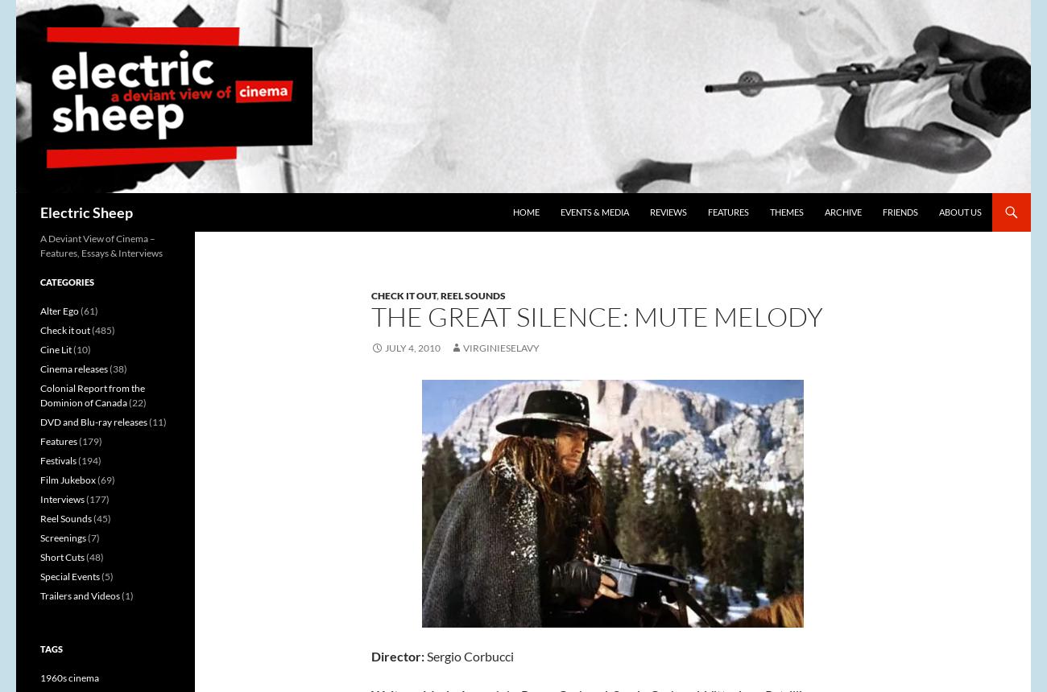 The width and height of the screenshot is (1047, 692). What do you see at coordinates (501, 348) in the screenshot?
I see `'VirginieSelavy'` at bounding box center [501, 348].